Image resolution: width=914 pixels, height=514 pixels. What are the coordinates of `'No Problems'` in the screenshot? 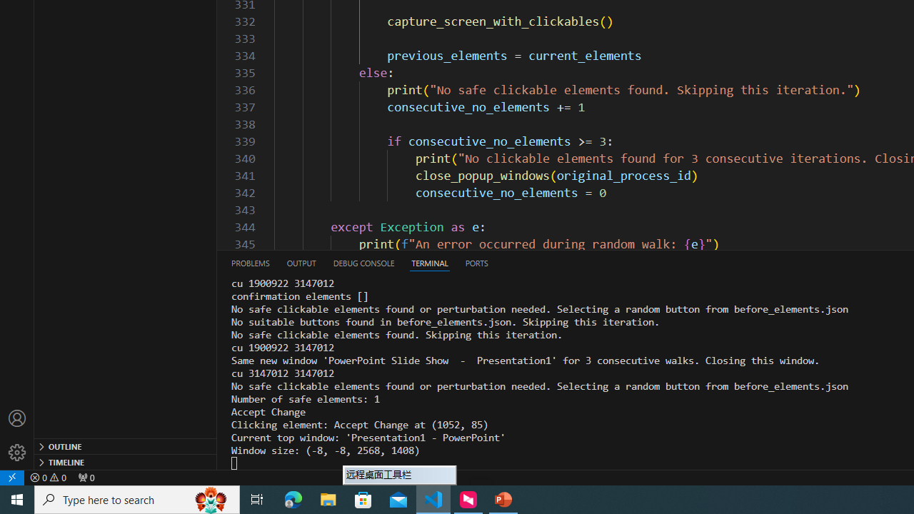 It's located at (48, 477).